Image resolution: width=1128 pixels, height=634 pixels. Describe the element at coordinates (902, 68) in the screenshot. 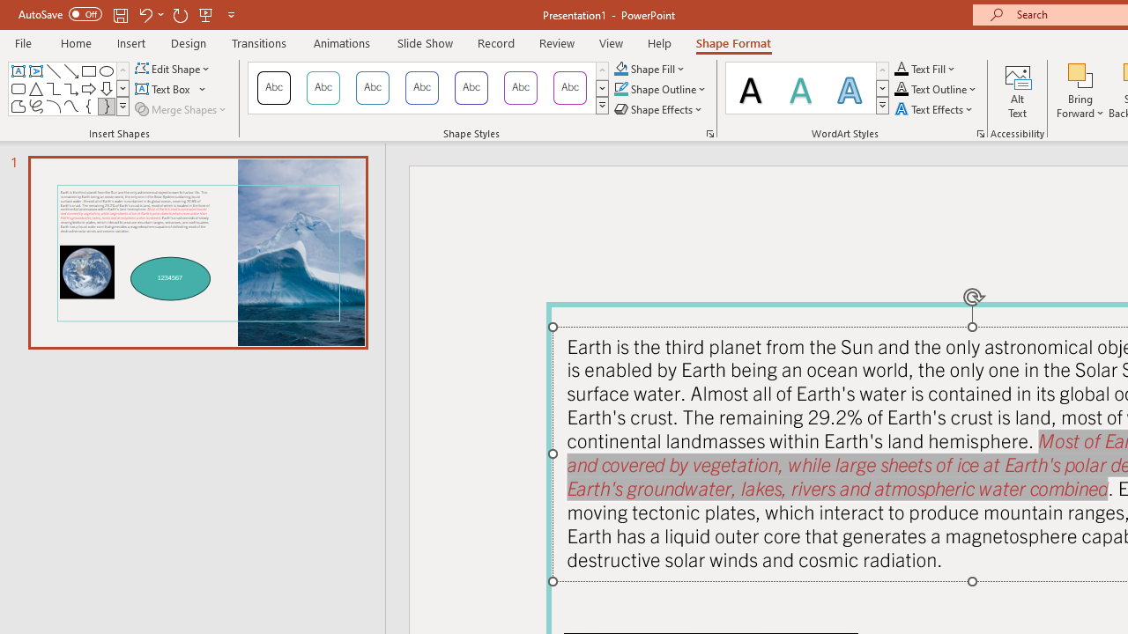

I see `'Text Fill RGB(0, 0, 0)'` at that location.